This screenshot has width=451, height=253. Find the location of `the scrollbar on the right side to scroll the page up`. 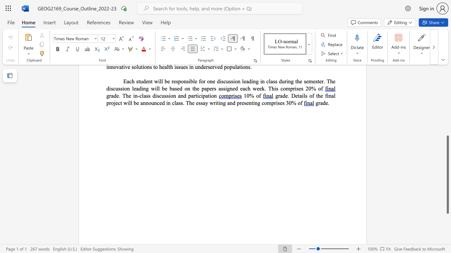

the scrollbar on the right side to scroll the page up is located at coordinates (447, 102).